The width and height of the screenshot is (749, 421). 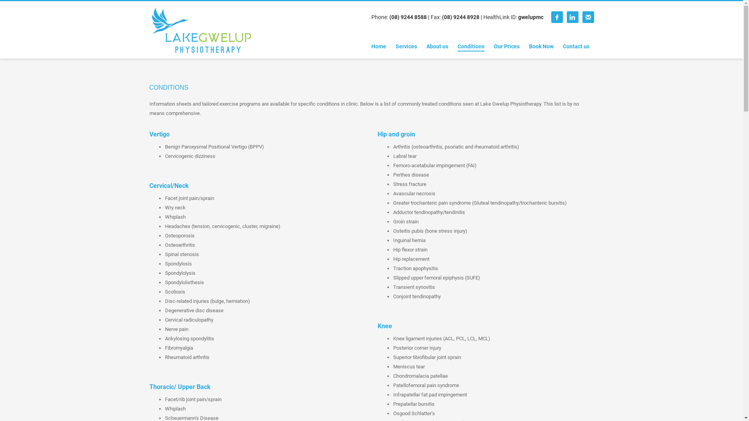 I want to click on 'Lake Gwelup Physiotherapy', so click(x=201, y=30).